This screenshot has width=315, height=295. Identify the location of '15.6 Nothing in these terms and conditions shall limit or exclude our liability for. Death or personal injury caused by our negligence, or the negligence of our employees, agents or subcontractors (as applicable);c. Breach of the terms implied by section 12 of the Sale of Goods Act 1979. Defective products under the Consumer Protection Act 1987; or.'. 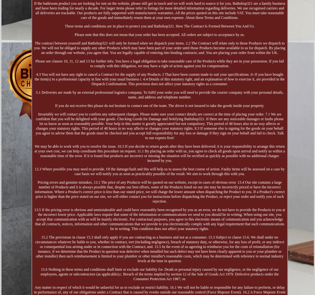
(40, 273).